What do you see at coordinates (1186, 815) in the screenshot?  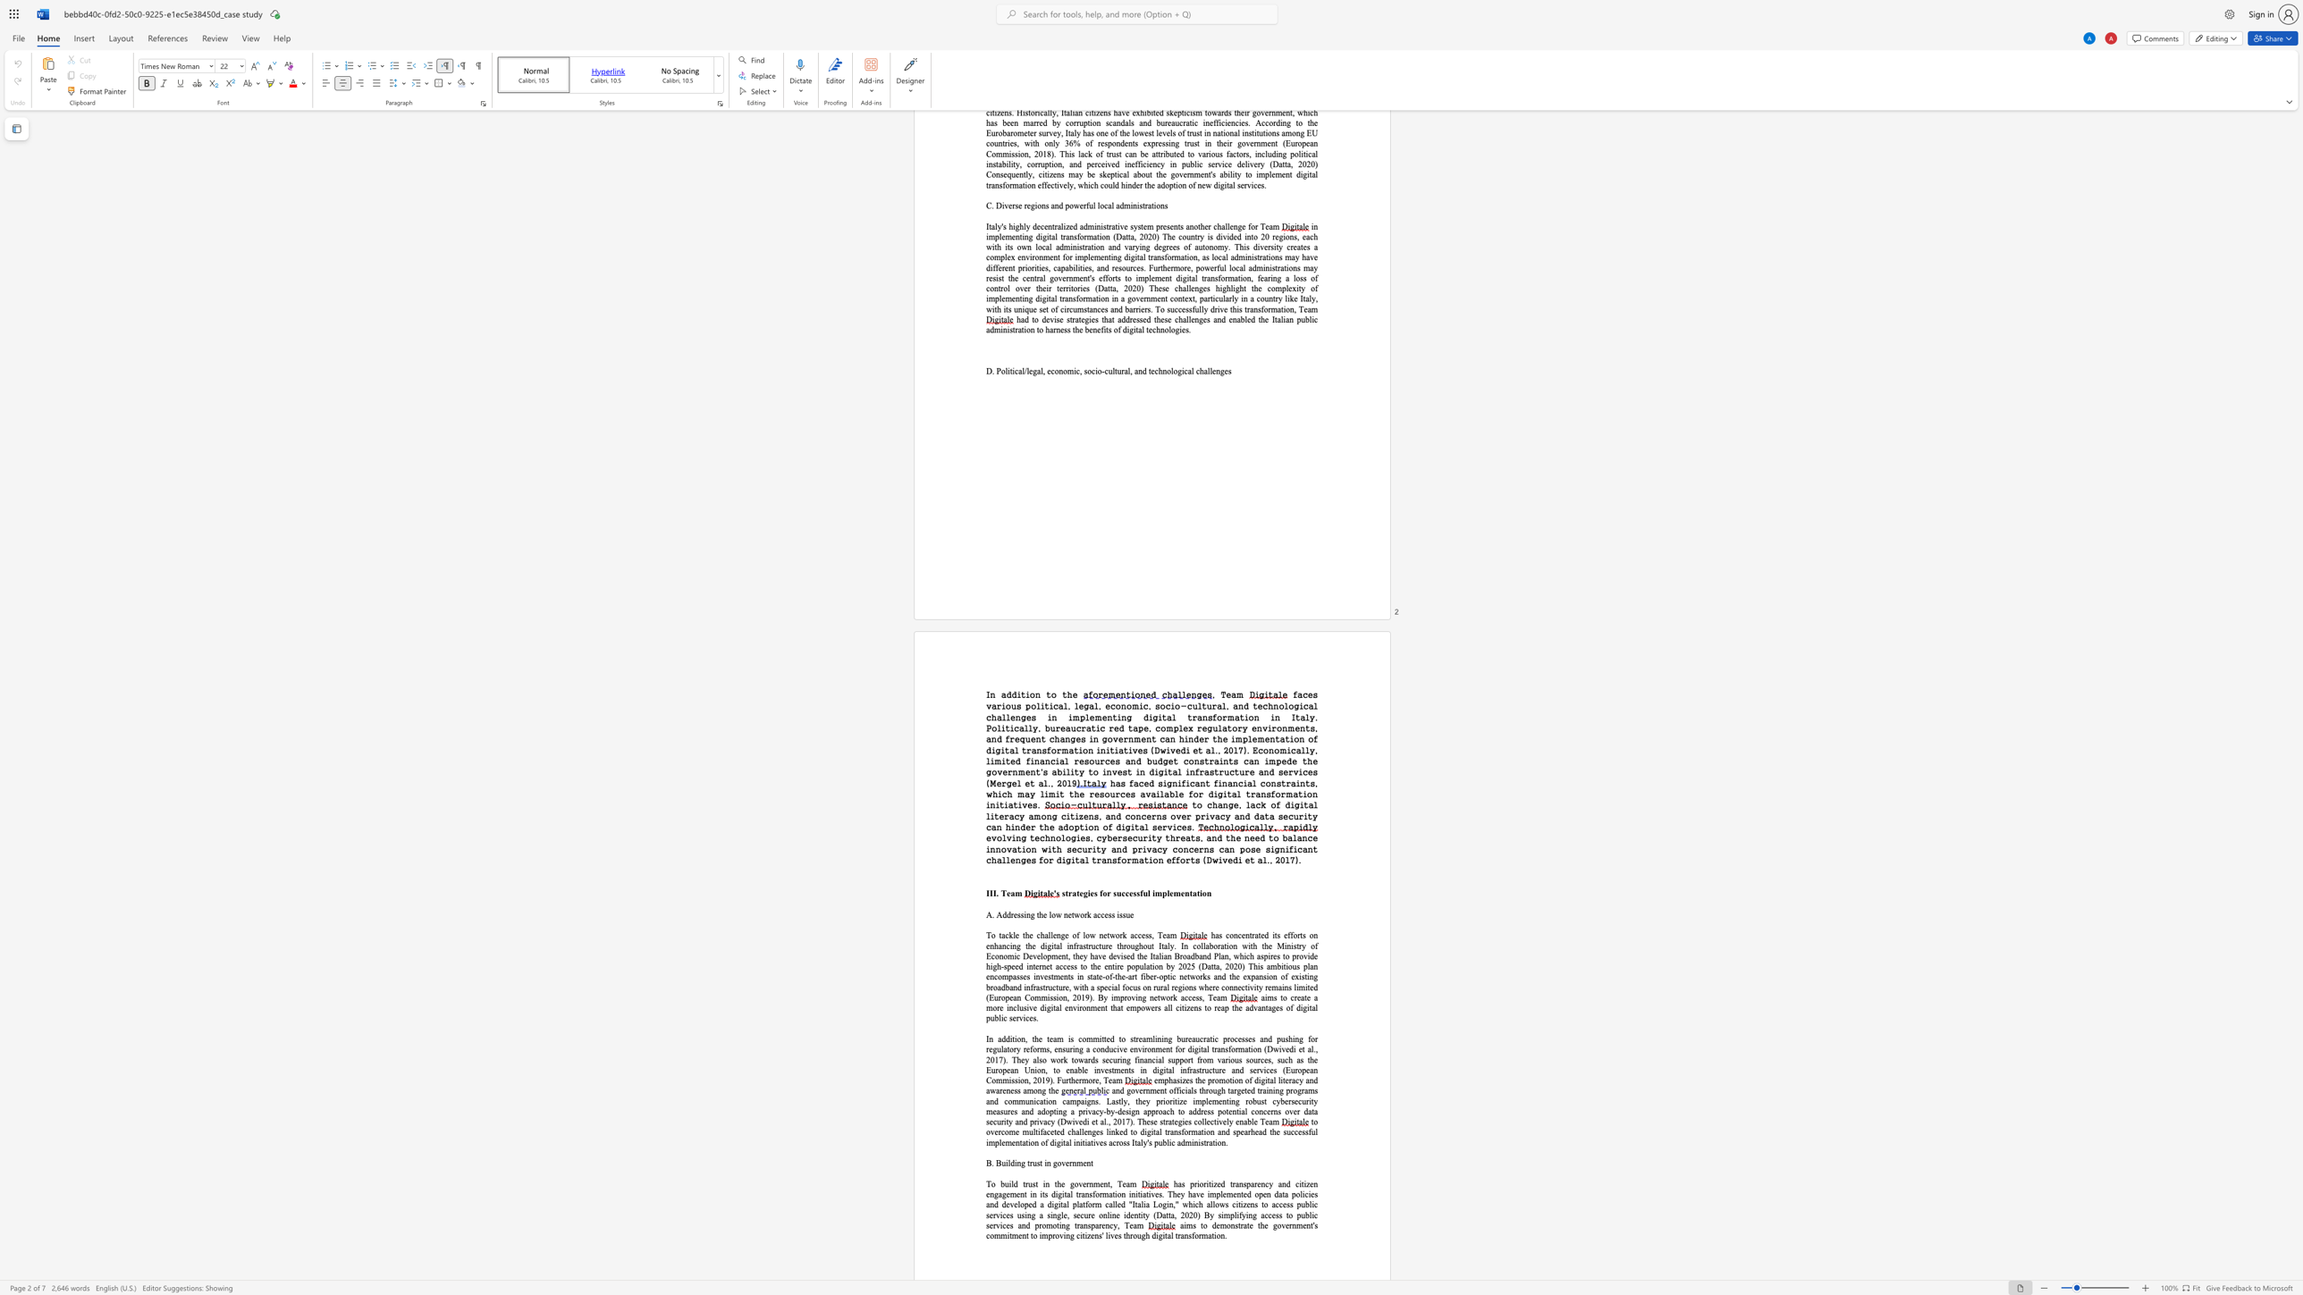 I see `the subset text "r privacy and data sec" within the text "to change, lack of digital literacy among citizens, and concerns over privacy and data security can hinder the adoption of digital services."` at bounding box center [1186, 815].